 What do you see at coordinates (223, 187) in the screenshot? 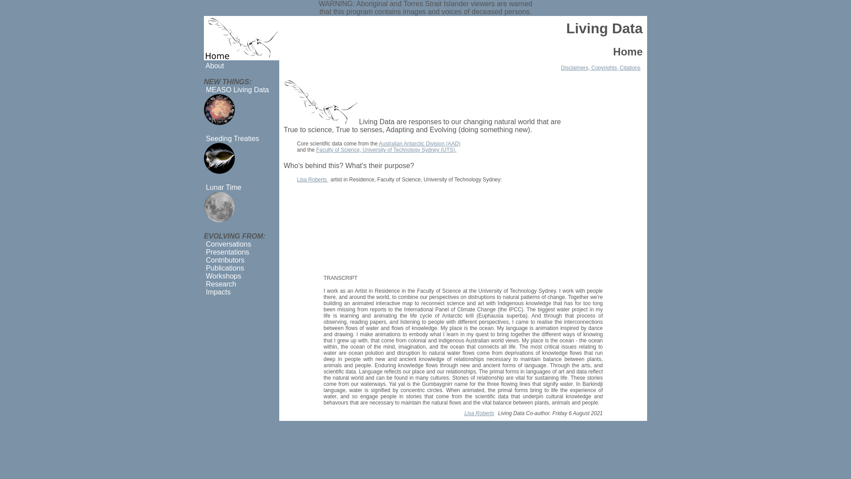
I see `' Lunar Time'` at bounding box center [223, 187].